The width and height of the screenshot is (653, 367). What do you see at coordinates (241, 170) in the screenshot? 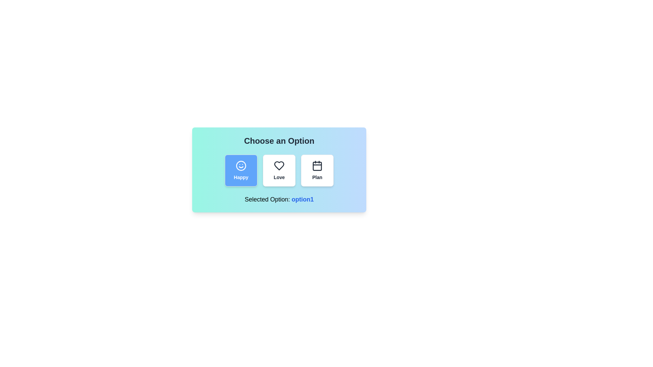
I see `the 'Happy' button` at bounding box center [241, 170].